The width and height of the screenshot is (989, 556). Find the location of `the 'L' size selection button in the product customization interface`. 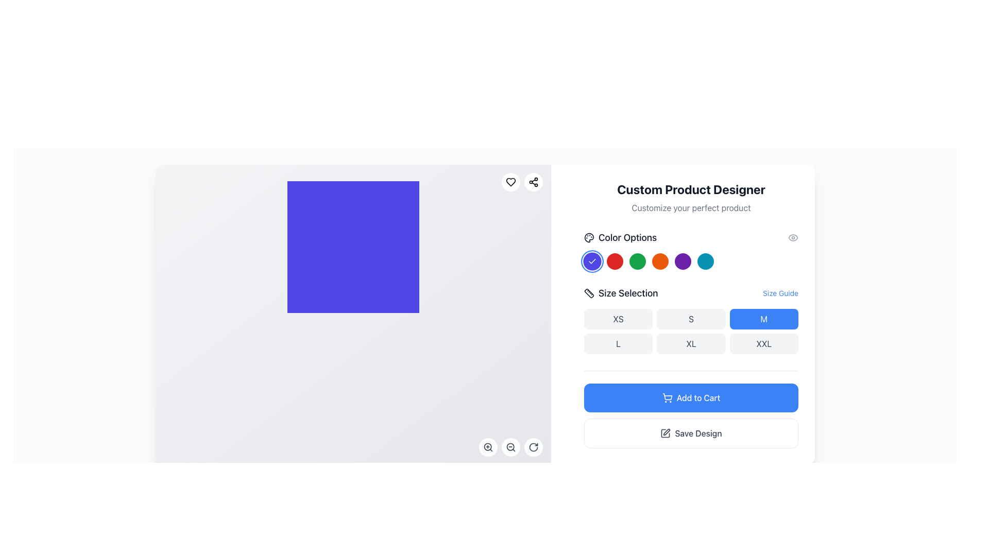

the 'L' size selection button in the product customization interface is located at coordinates (618, 343).